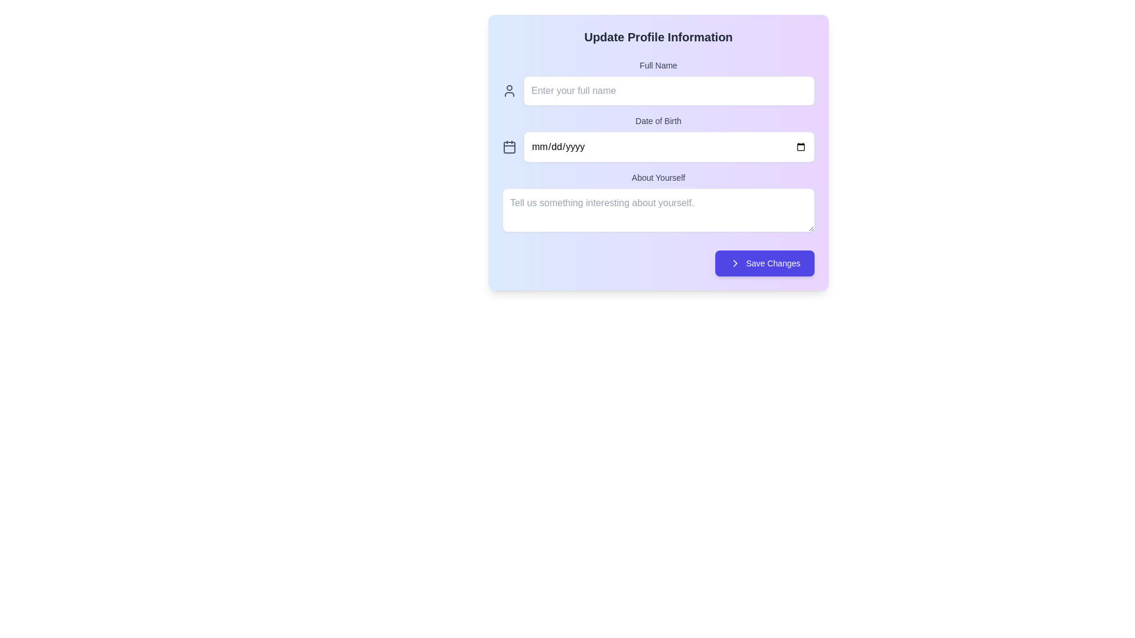 Image resolution: width=1135 pixels, height=638 pixels. I want to click on the icon located on the right-hand side of the 'Save Changes' button, so click(735, 263).